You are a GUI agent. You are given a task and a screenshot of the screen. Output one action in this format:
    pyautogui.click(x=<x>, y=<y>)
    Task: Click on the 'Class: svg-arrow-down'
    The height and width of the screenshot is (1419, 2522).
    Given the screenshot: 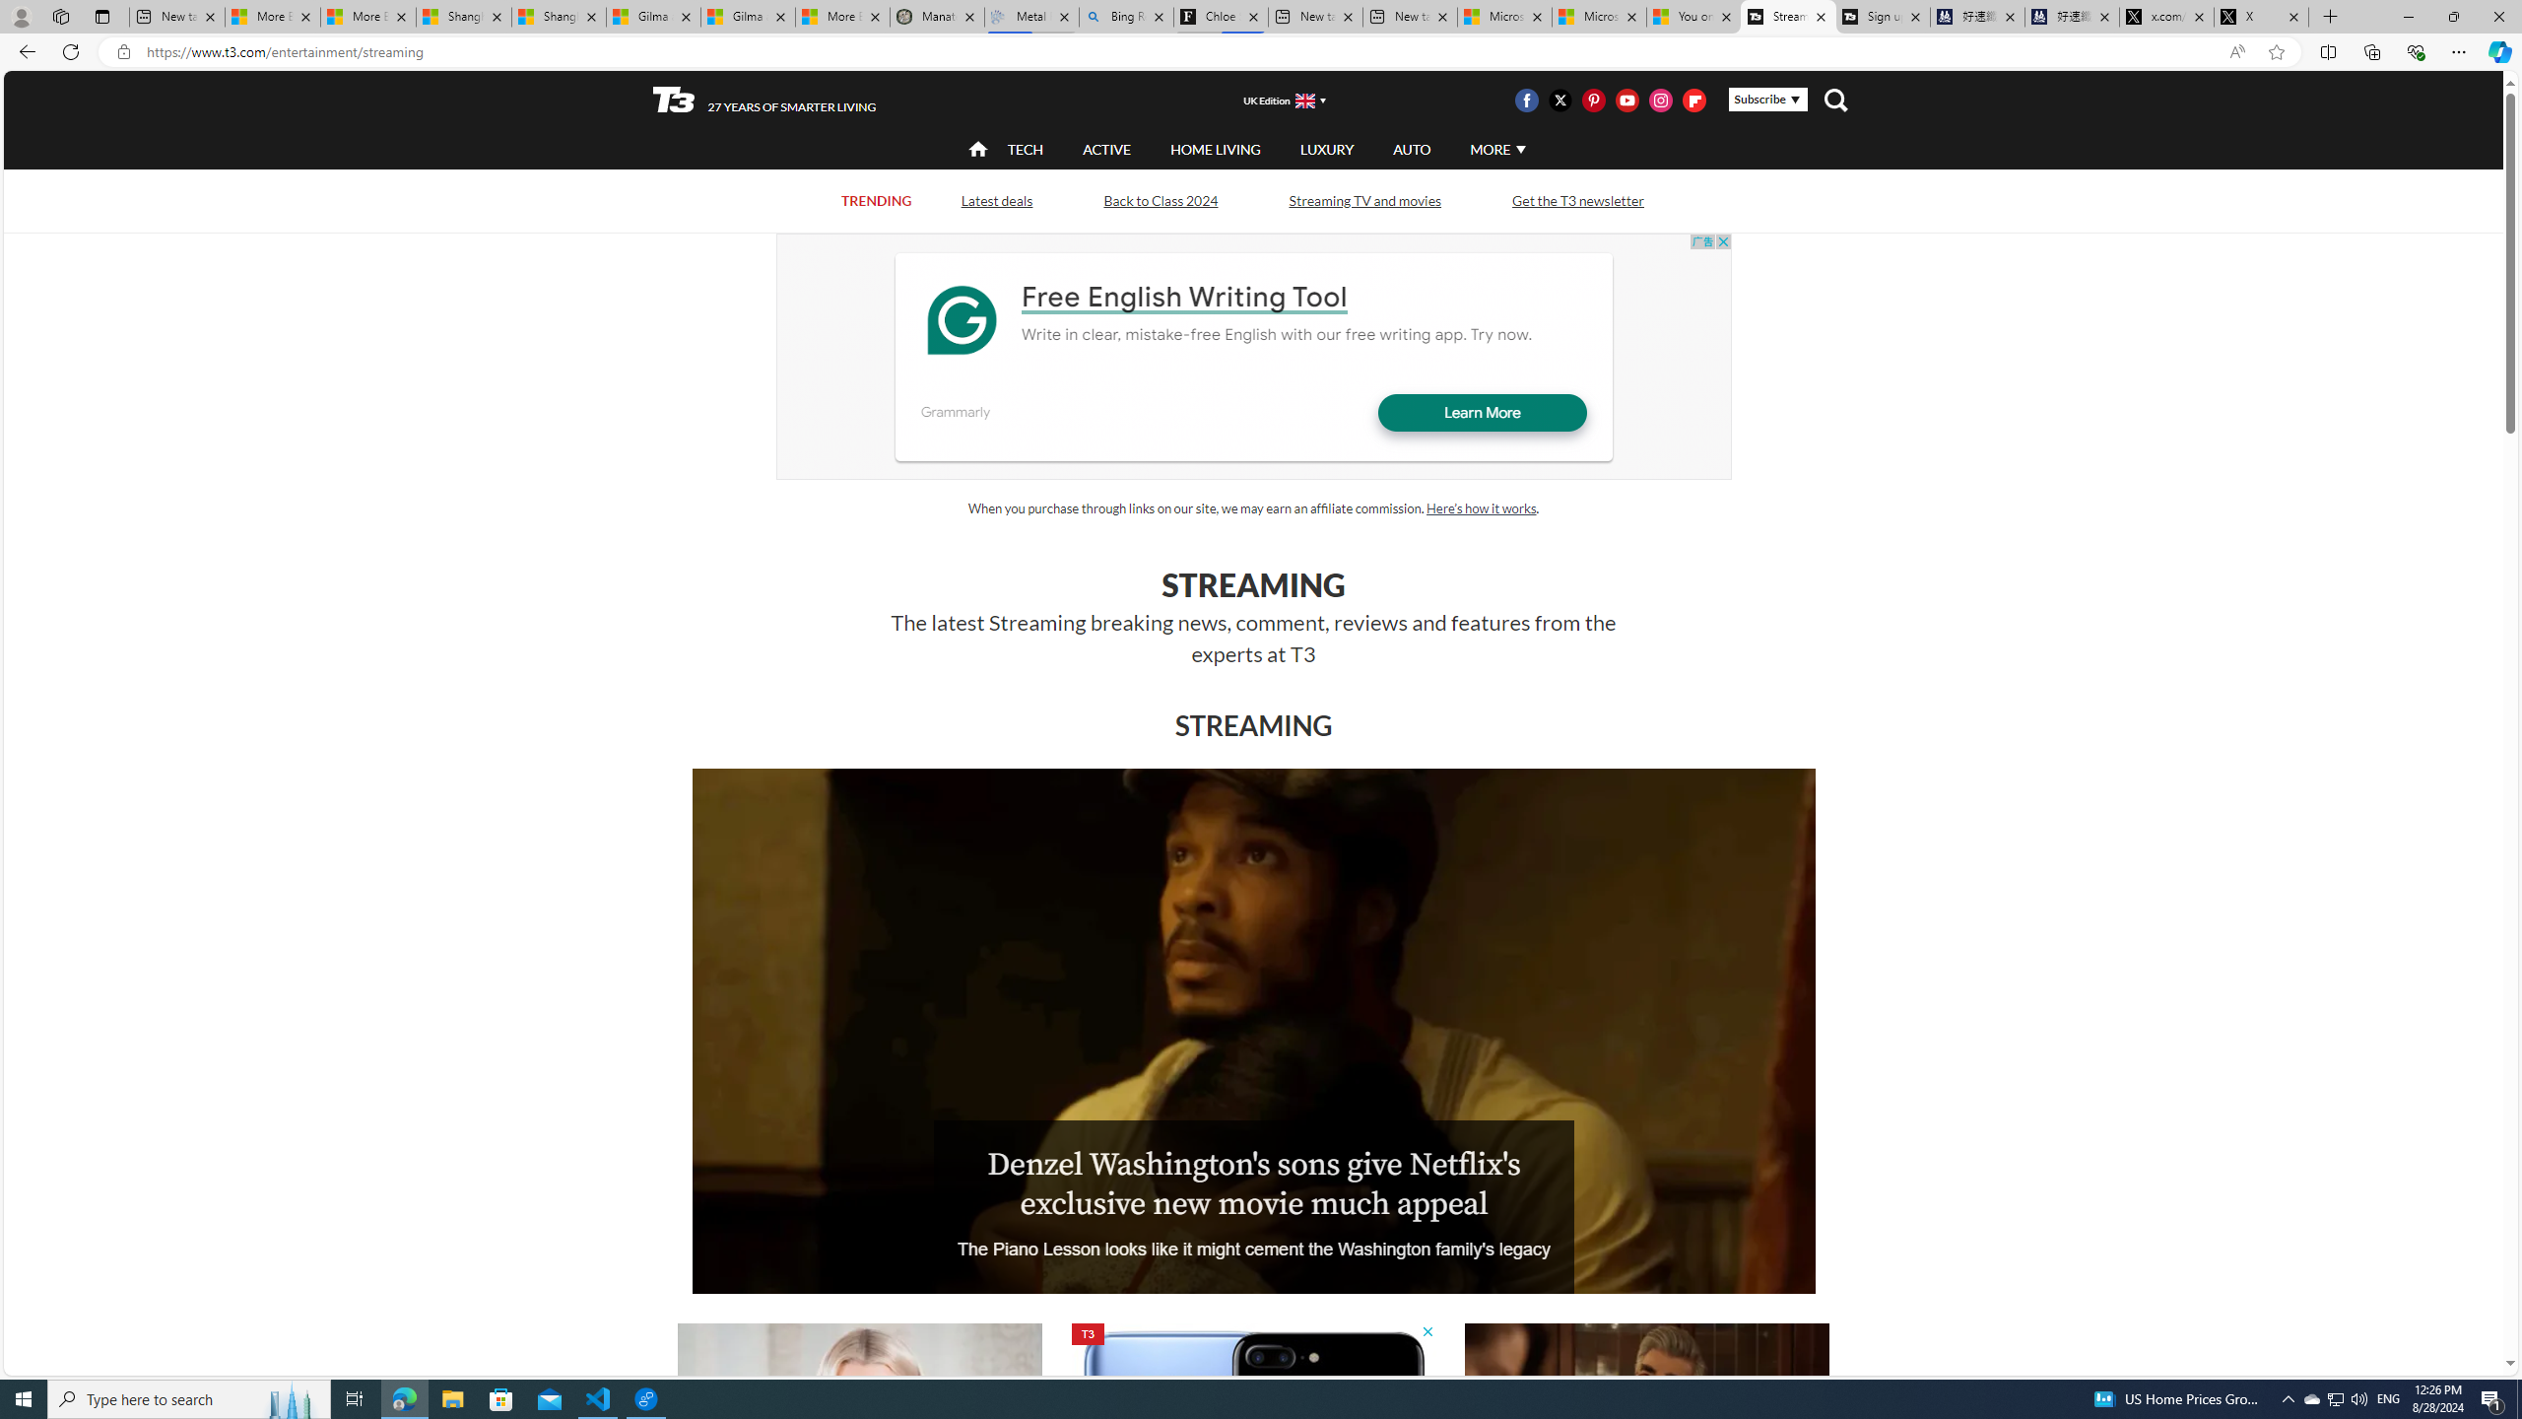 What is the action you would take?
    pyautogui.click(x=1519, y=148)
    